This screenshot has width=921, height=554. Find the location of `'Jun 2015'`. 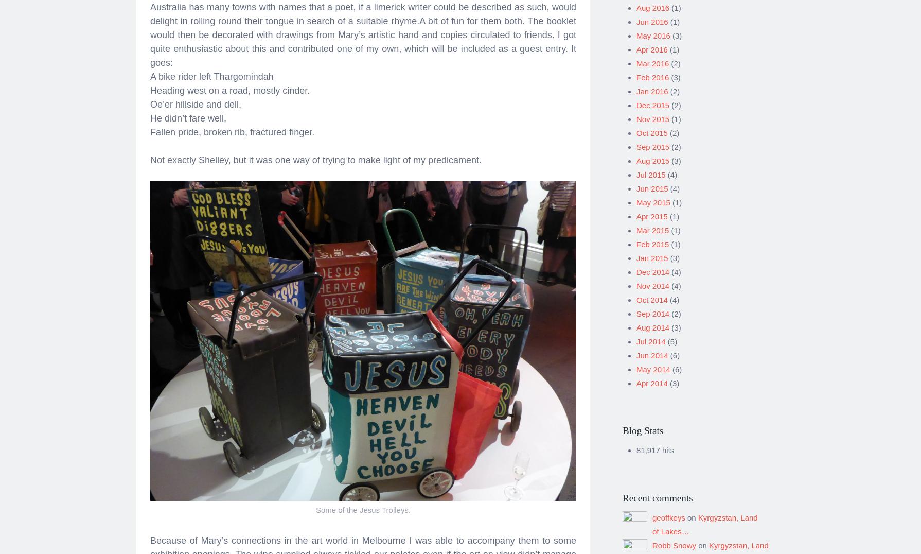

'Jun 2015' is located at coordinates (652, 184).